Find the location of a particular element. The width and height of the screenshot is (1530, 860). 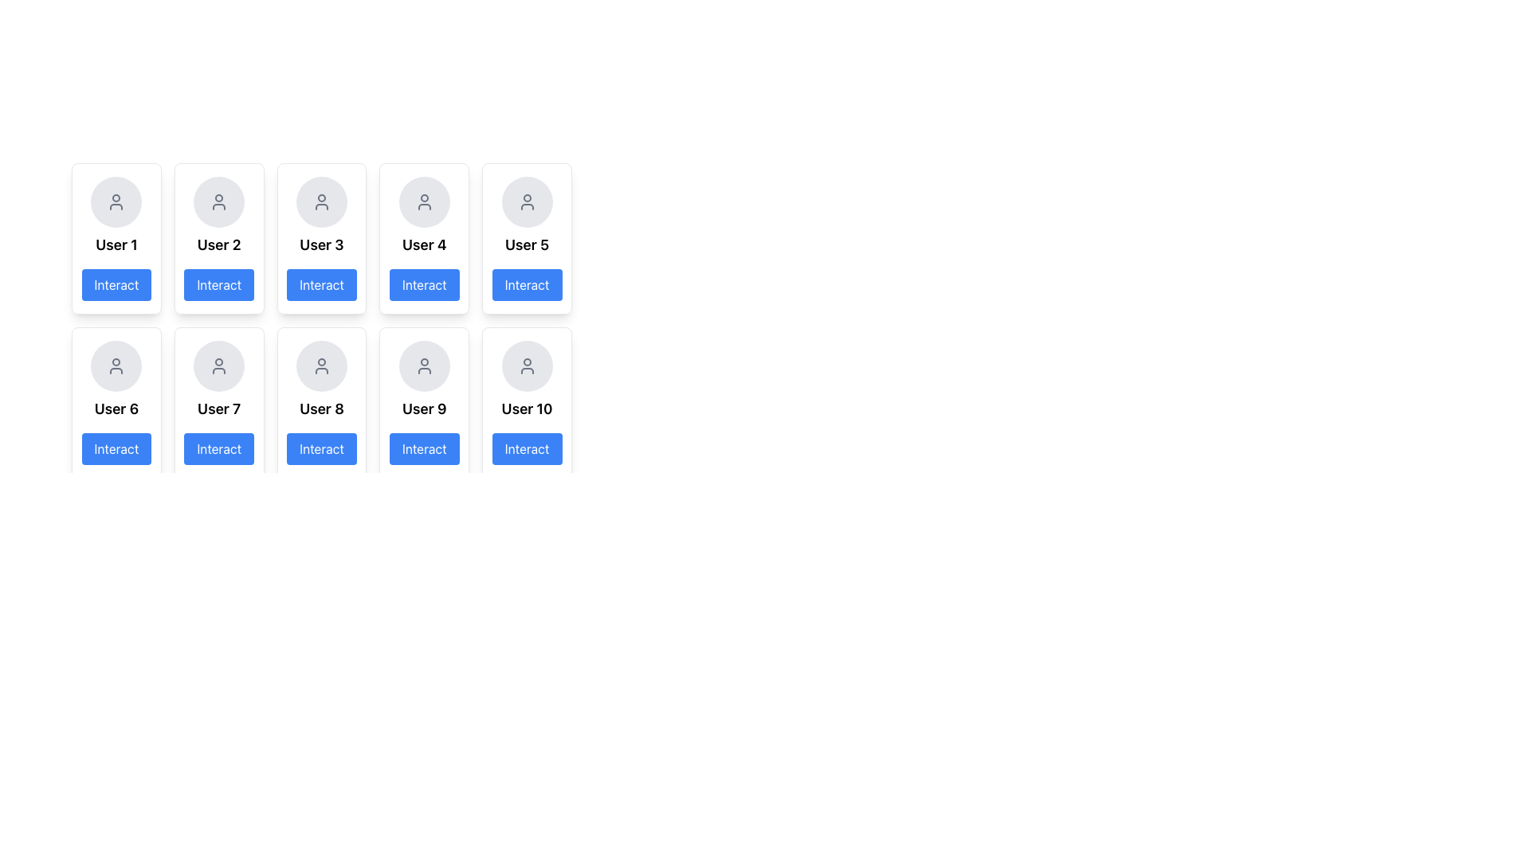

the profile icon representing 'User 8', located in the second row and third column of the user cards grid is located at coordinates (320, 365).